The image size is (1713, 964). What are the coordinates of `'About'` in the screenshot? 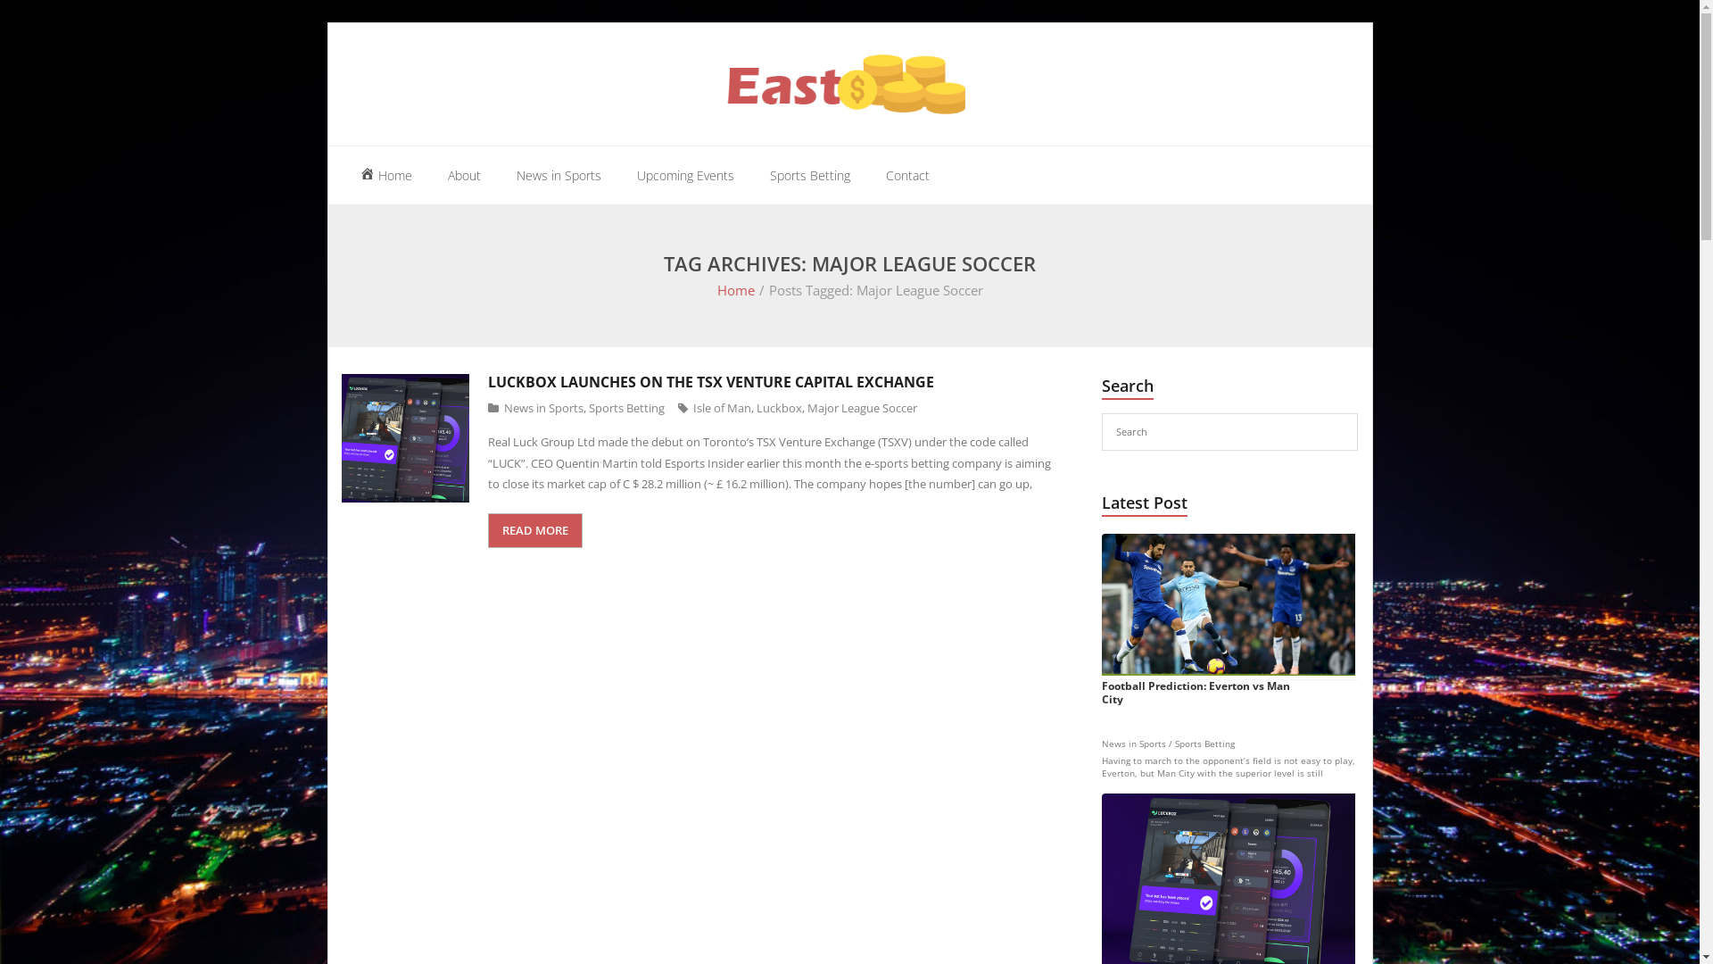 It's located at (464, 175).